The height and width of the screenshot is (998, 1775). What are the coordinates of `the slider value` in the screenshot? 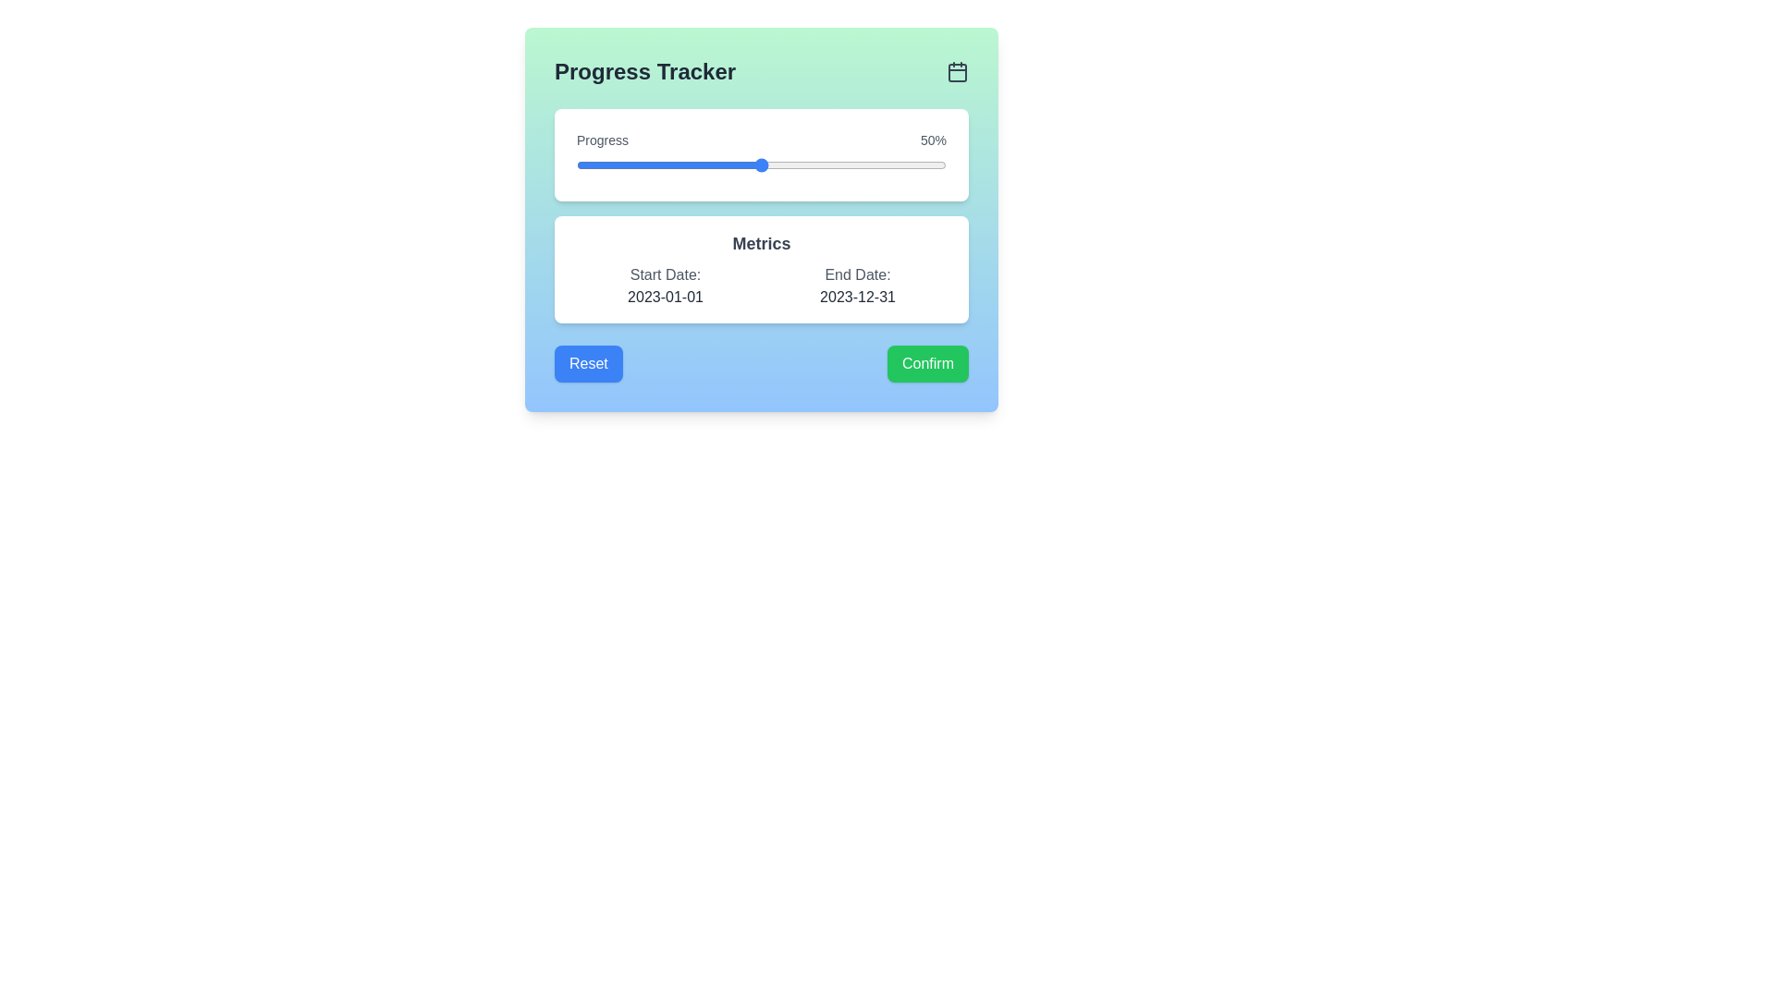 It's located at (580, 164).